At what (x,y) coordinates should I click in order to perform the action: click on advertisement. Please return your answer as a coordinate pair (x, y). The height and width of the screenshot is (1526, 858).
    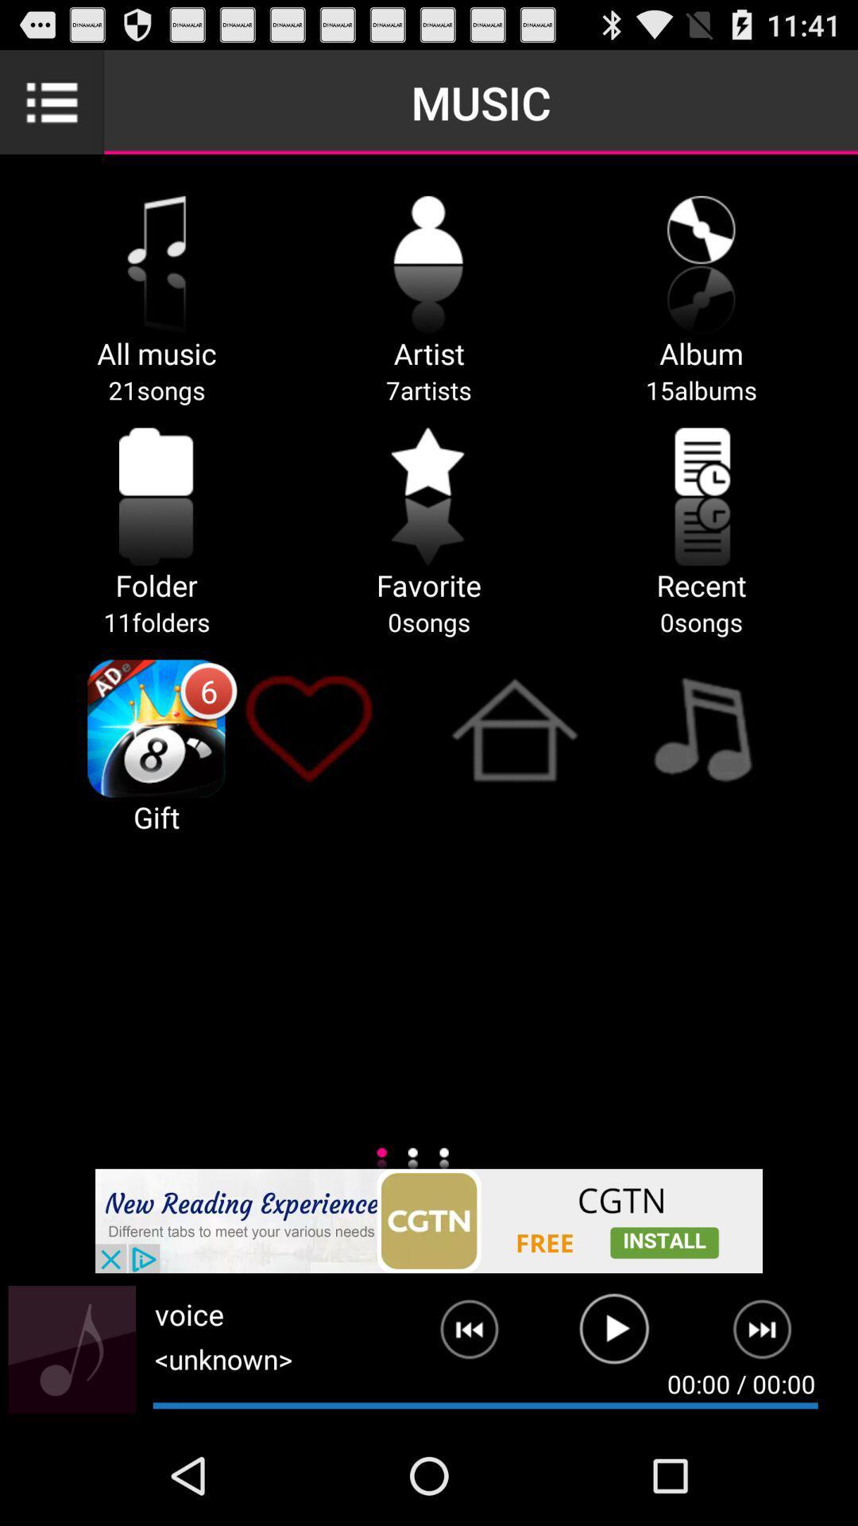
    Looking at the image, I should click on (429, 1220).